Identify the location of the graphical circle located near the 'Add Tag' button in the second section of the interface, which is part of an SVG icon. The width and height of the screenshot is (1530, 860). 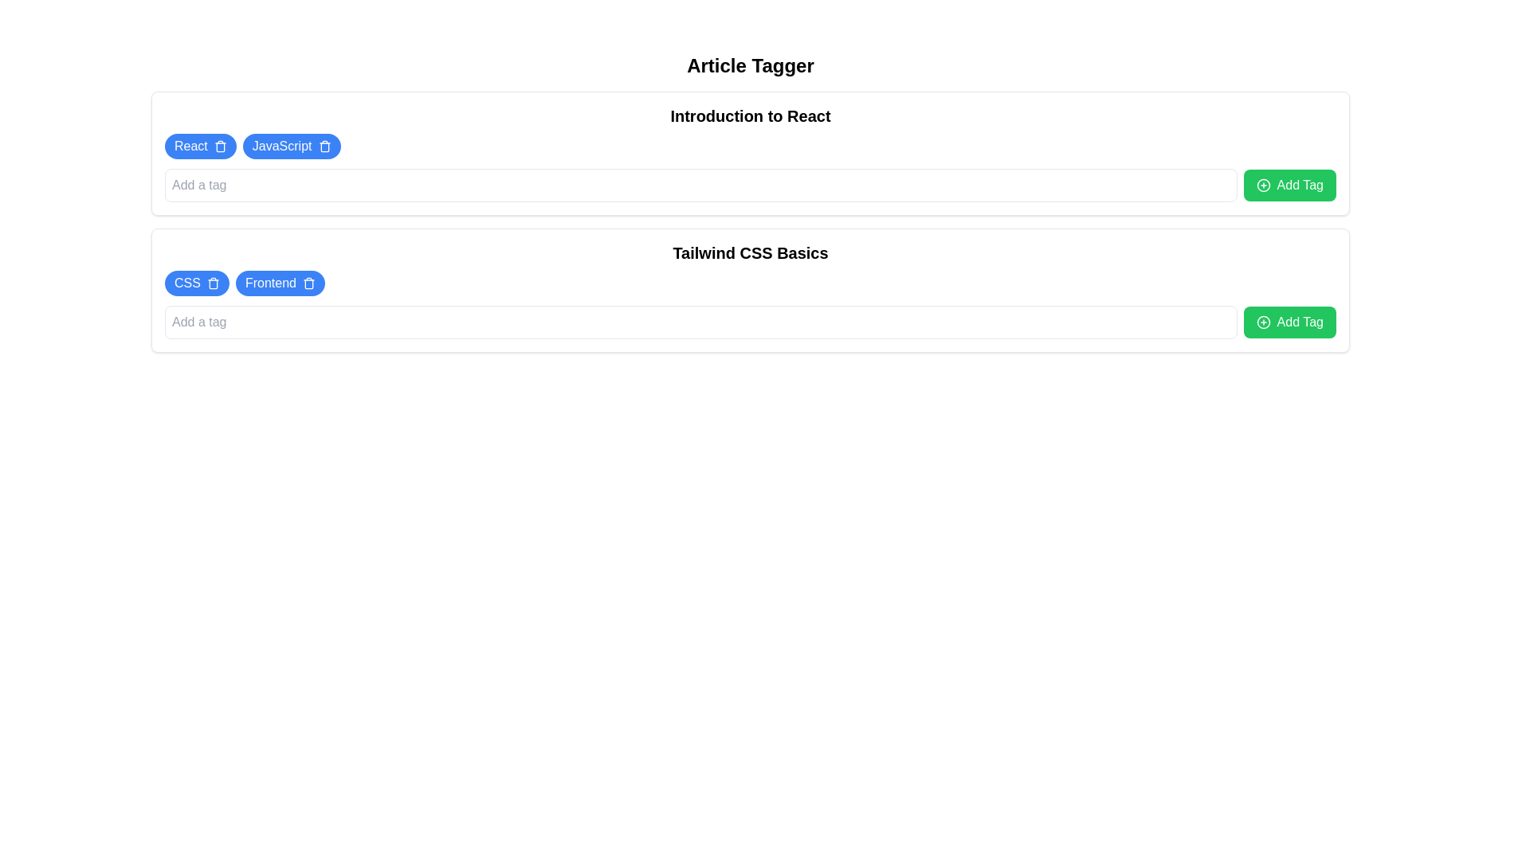
(1262, 184).